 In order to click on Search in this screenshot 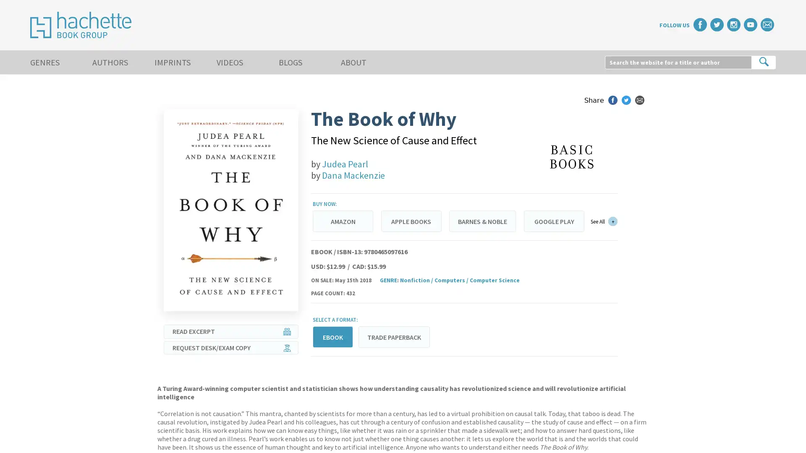, I will do `click(764, 61)`.